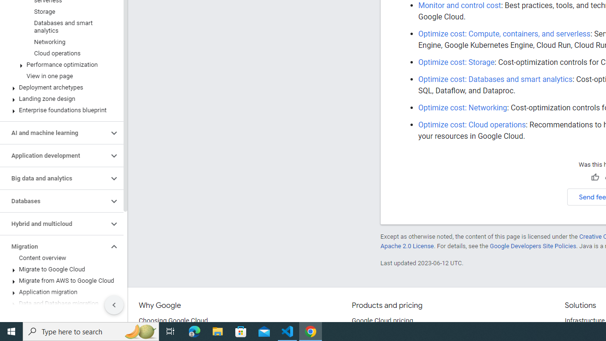 This screenshot has width=606, height=341. What do you see at coordinates (594, 178) in the screenshot?
I see `'Helpful'` at bounding box center [594, 178].